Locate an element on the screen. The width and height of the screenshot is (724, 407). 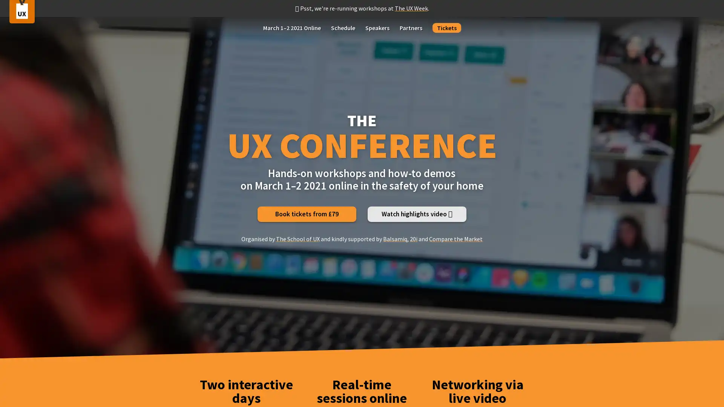
Book tickets from 79 is located at coordinates (307, 214).